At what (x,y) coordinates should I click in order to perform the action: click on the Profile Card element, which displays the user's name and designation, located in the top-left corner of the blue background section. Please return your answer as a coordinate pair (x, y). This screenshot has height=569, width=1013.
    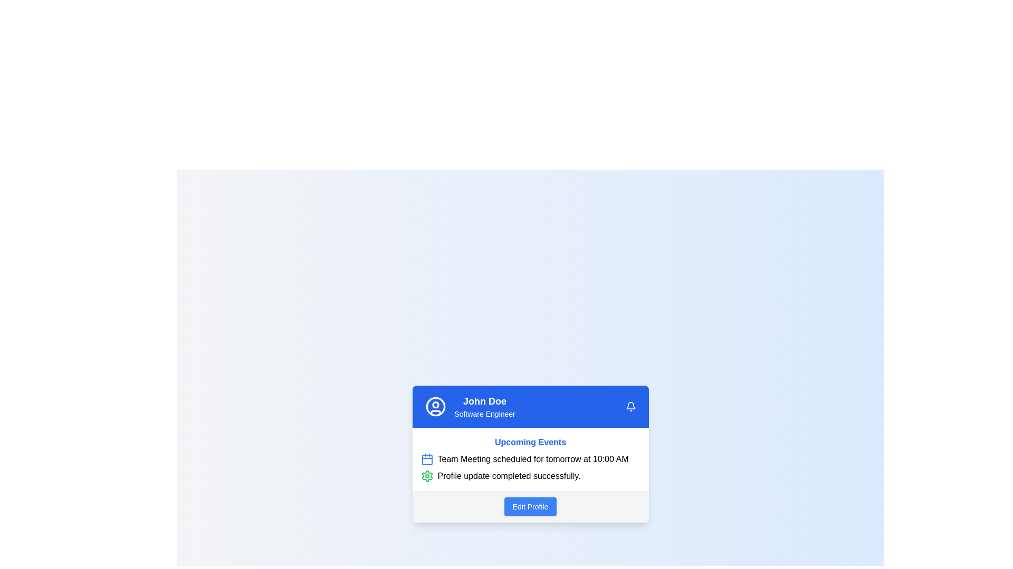
    Looking at the image, I should click on (470, 406).